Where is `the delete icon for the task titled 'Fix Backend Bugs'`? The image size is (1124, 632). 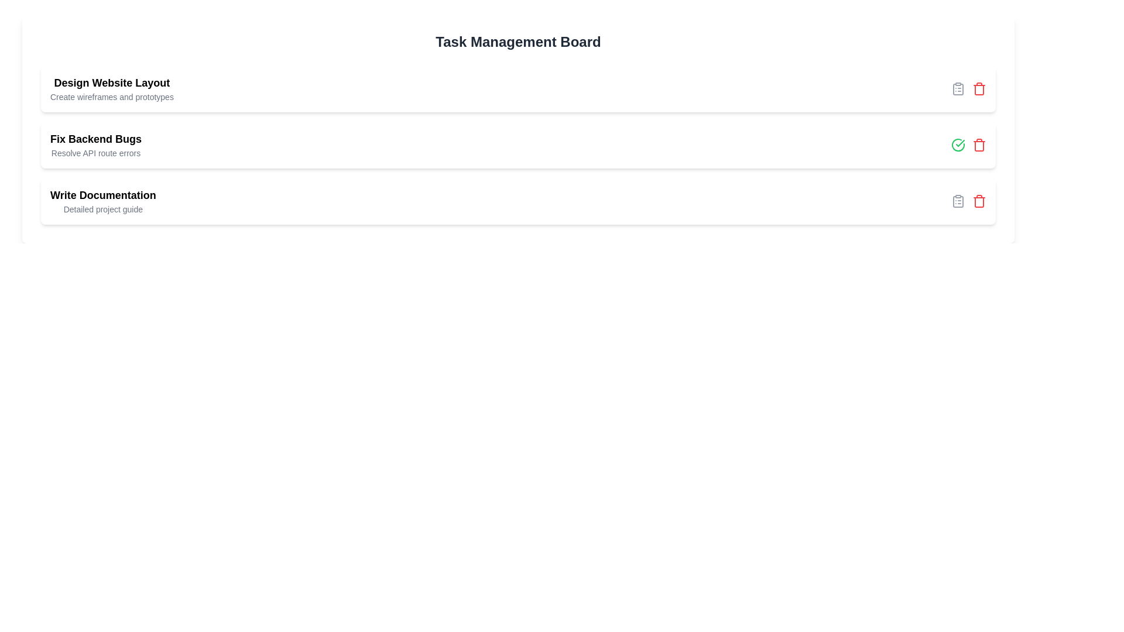
the delete icon for the task titled 'Fix Backend Bugs' is located at coordinates (979, 144).